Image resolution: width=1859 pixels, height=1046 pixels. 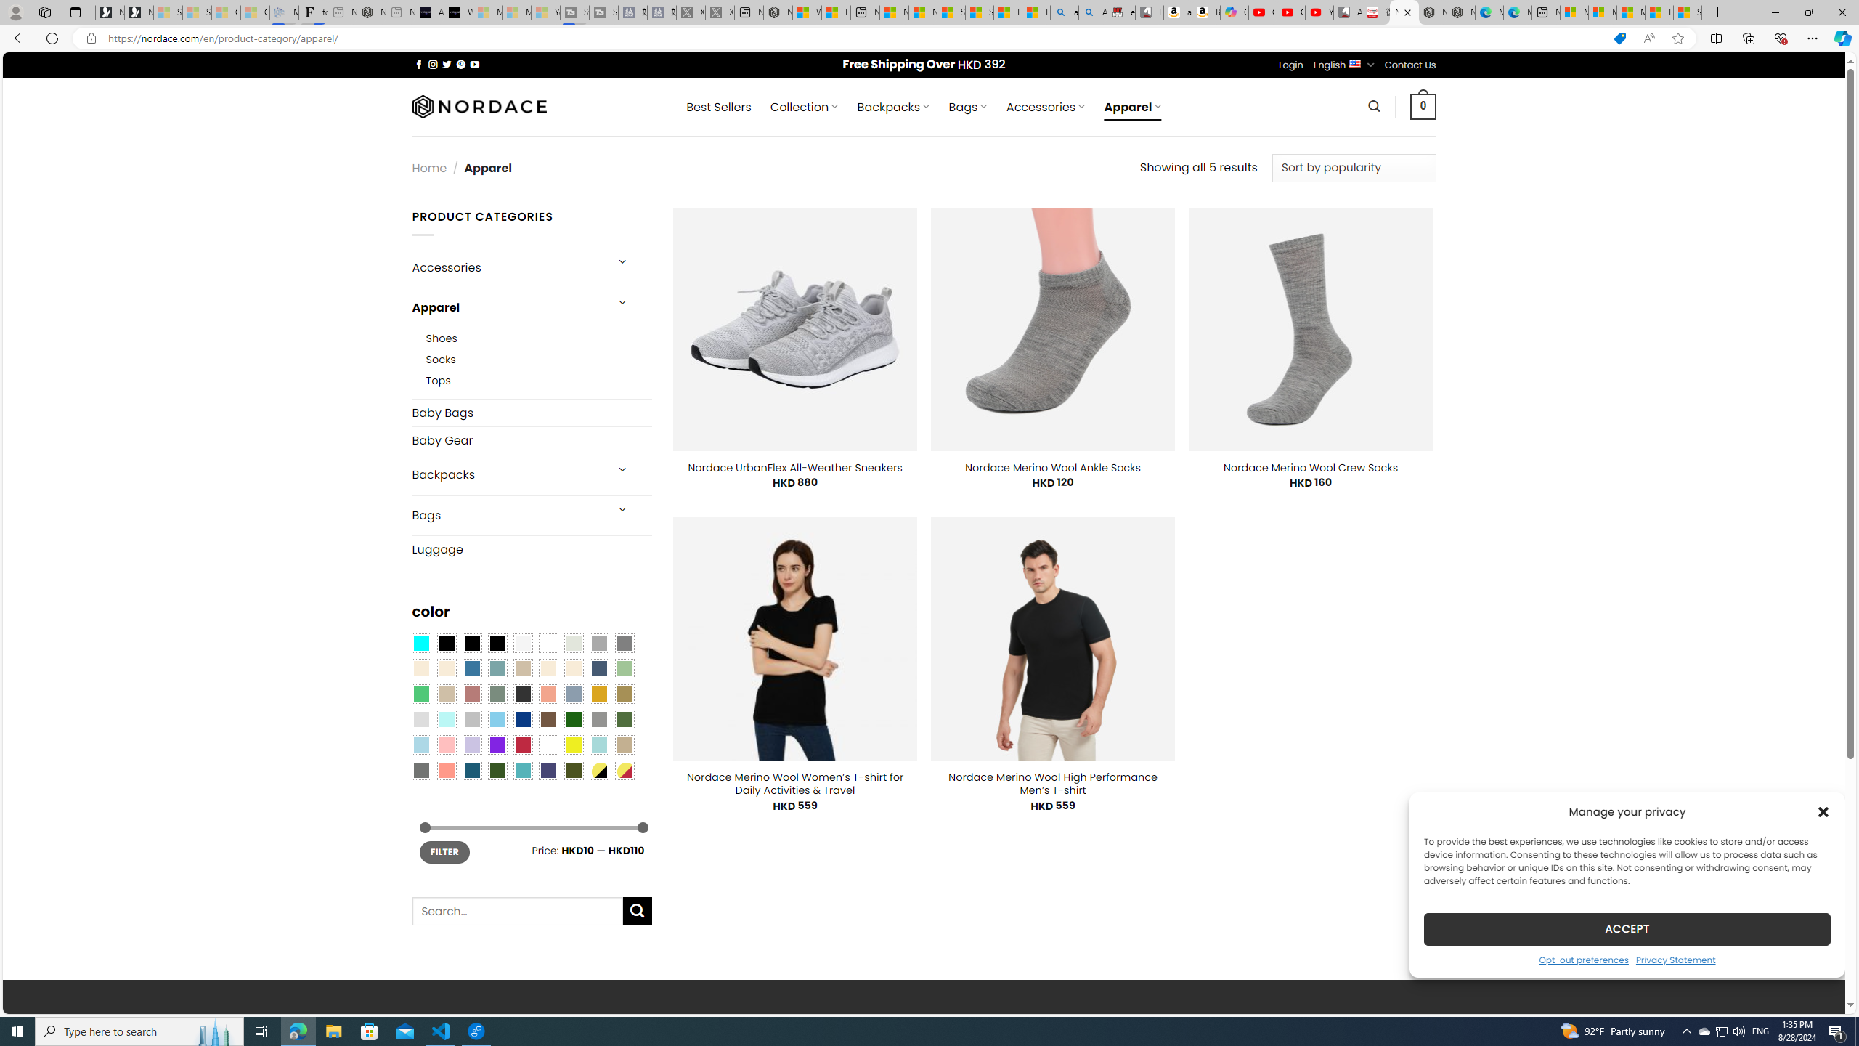 What do you see at coordinates (1355, 63) in the screenshot?
I see `'English'` at bounding box center [1355, 63].